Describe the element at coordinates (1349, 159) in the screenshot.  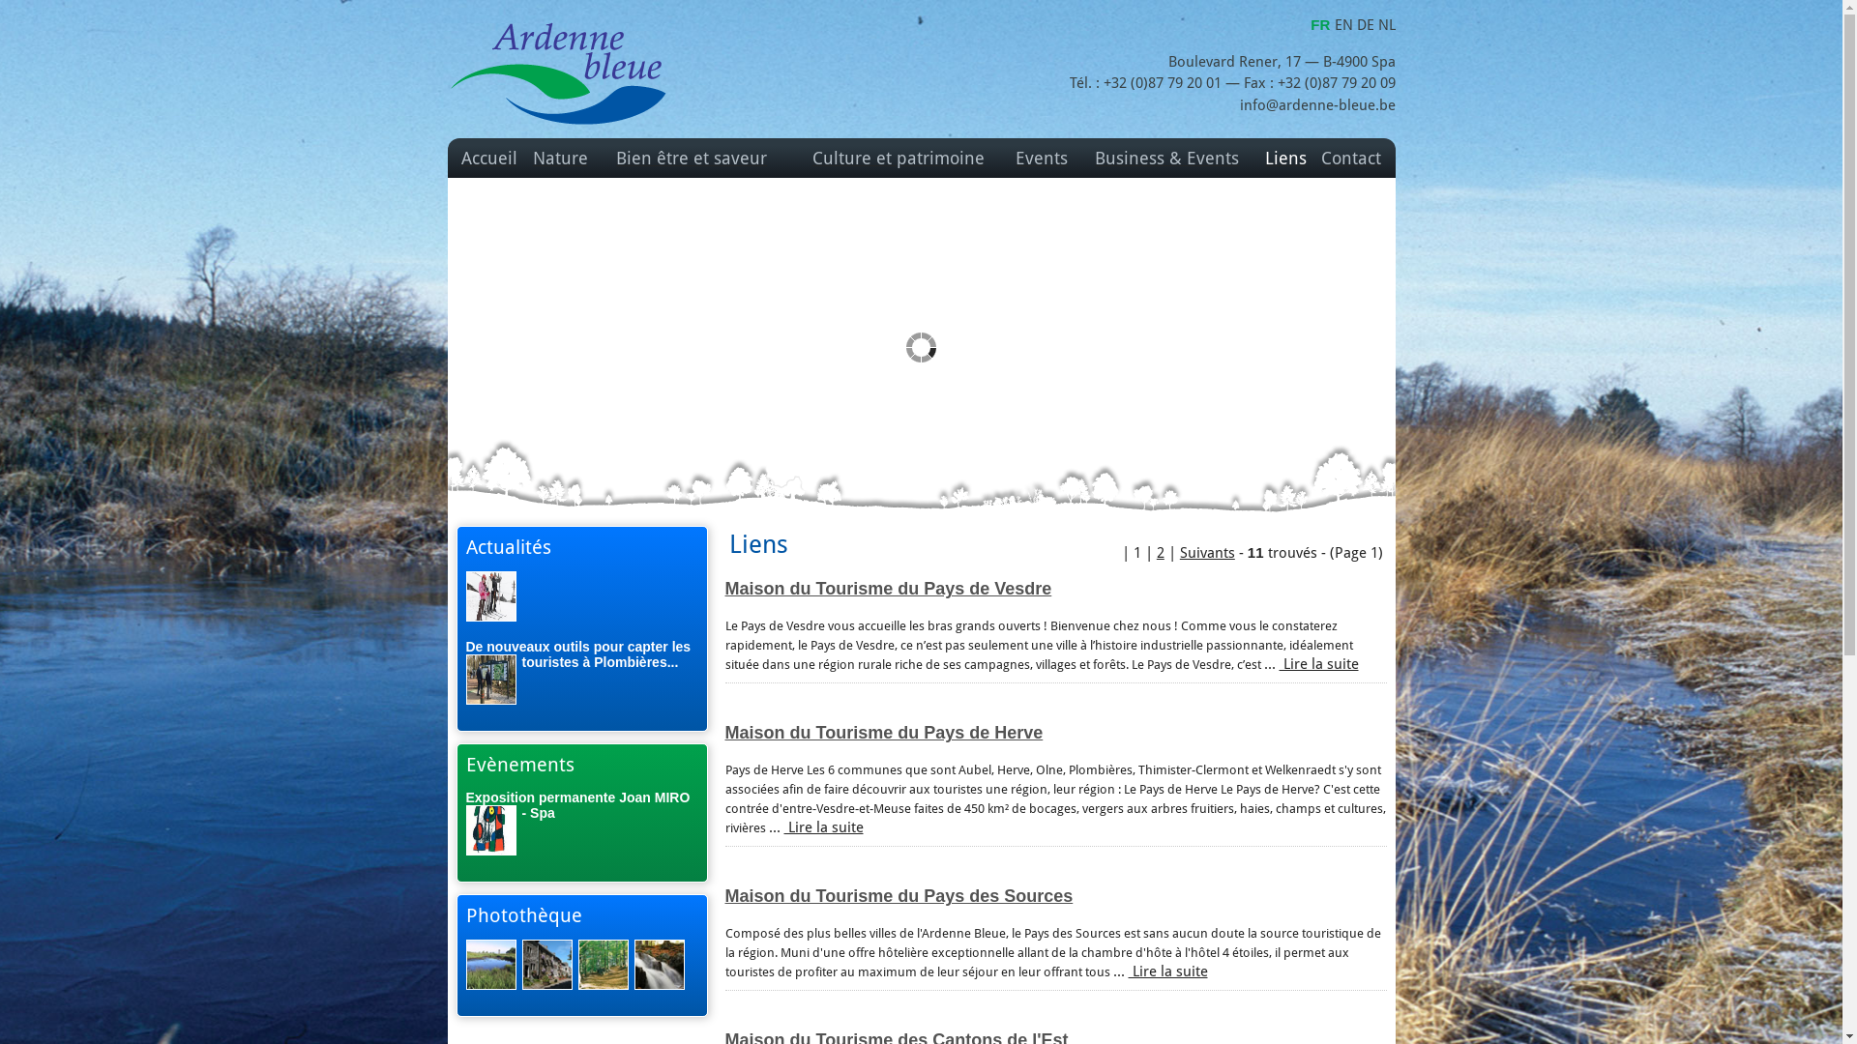
I see `'Contact'` at that location.